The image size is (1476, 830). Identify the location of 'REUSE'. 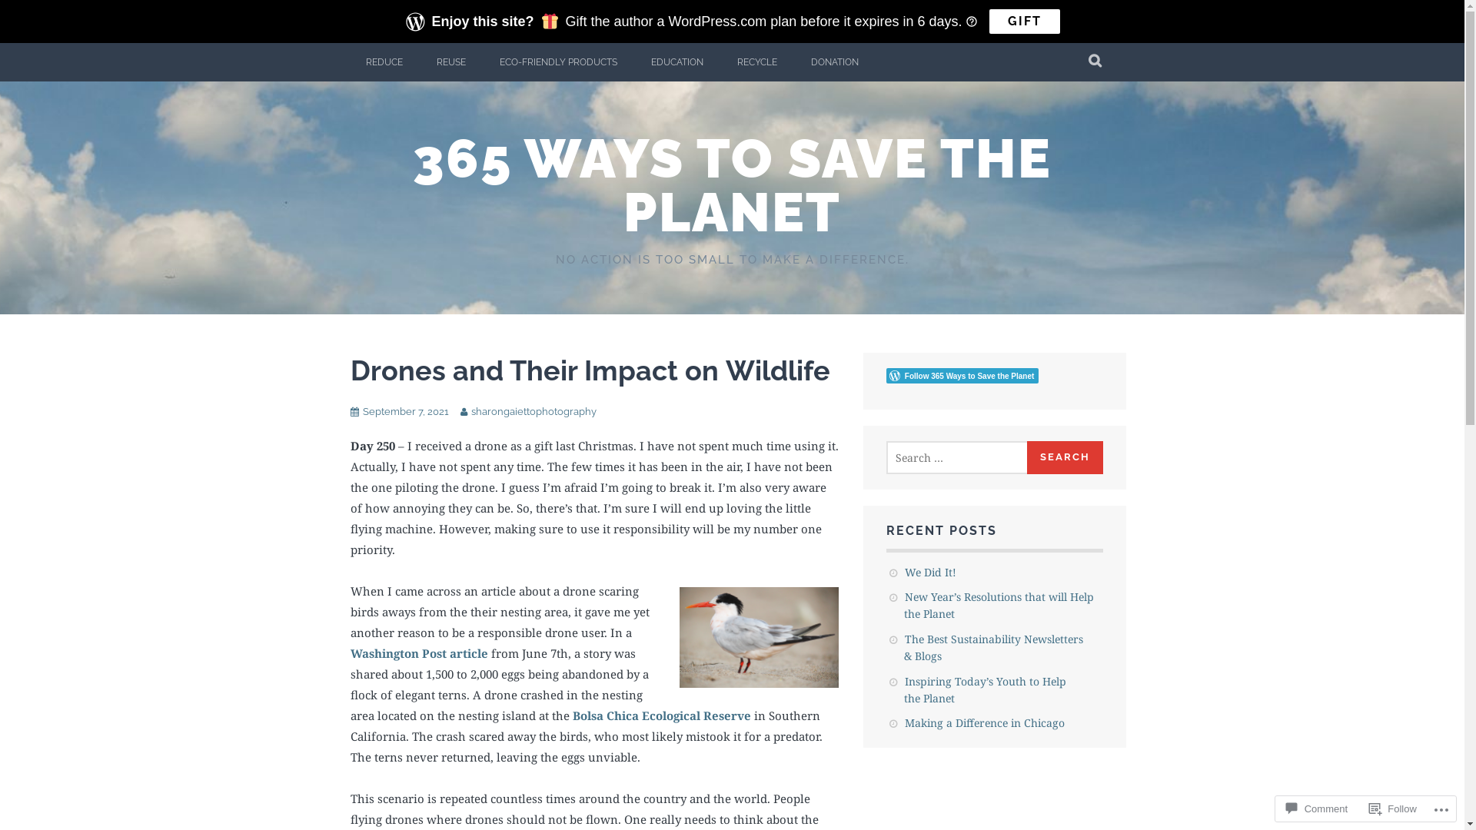
(421, 61).